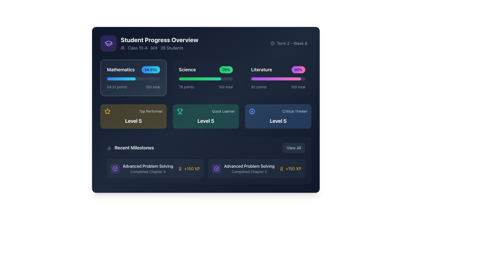 Image resolution: width=488 pixels, height=274 pixels. What do you see at coordinates (133, 121) in the screenshot?
I see `the text block displaying 'Level 5' in bold, extra-large white font, which is located in the lower section of the 'Top Performer' card` at bounding box center [133, 121].